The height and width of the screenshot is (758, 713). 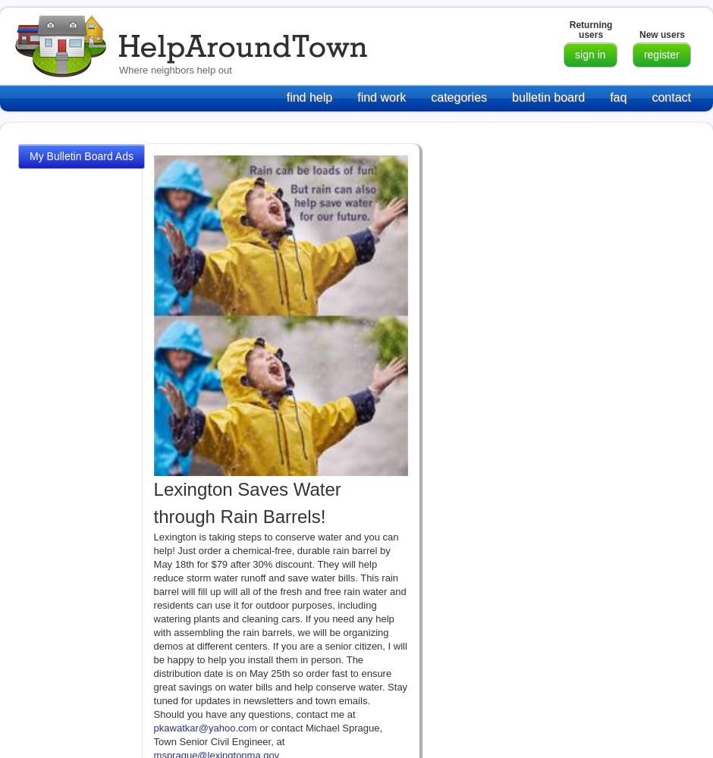 I want to click on 'find work', so click(x=381, y=97).